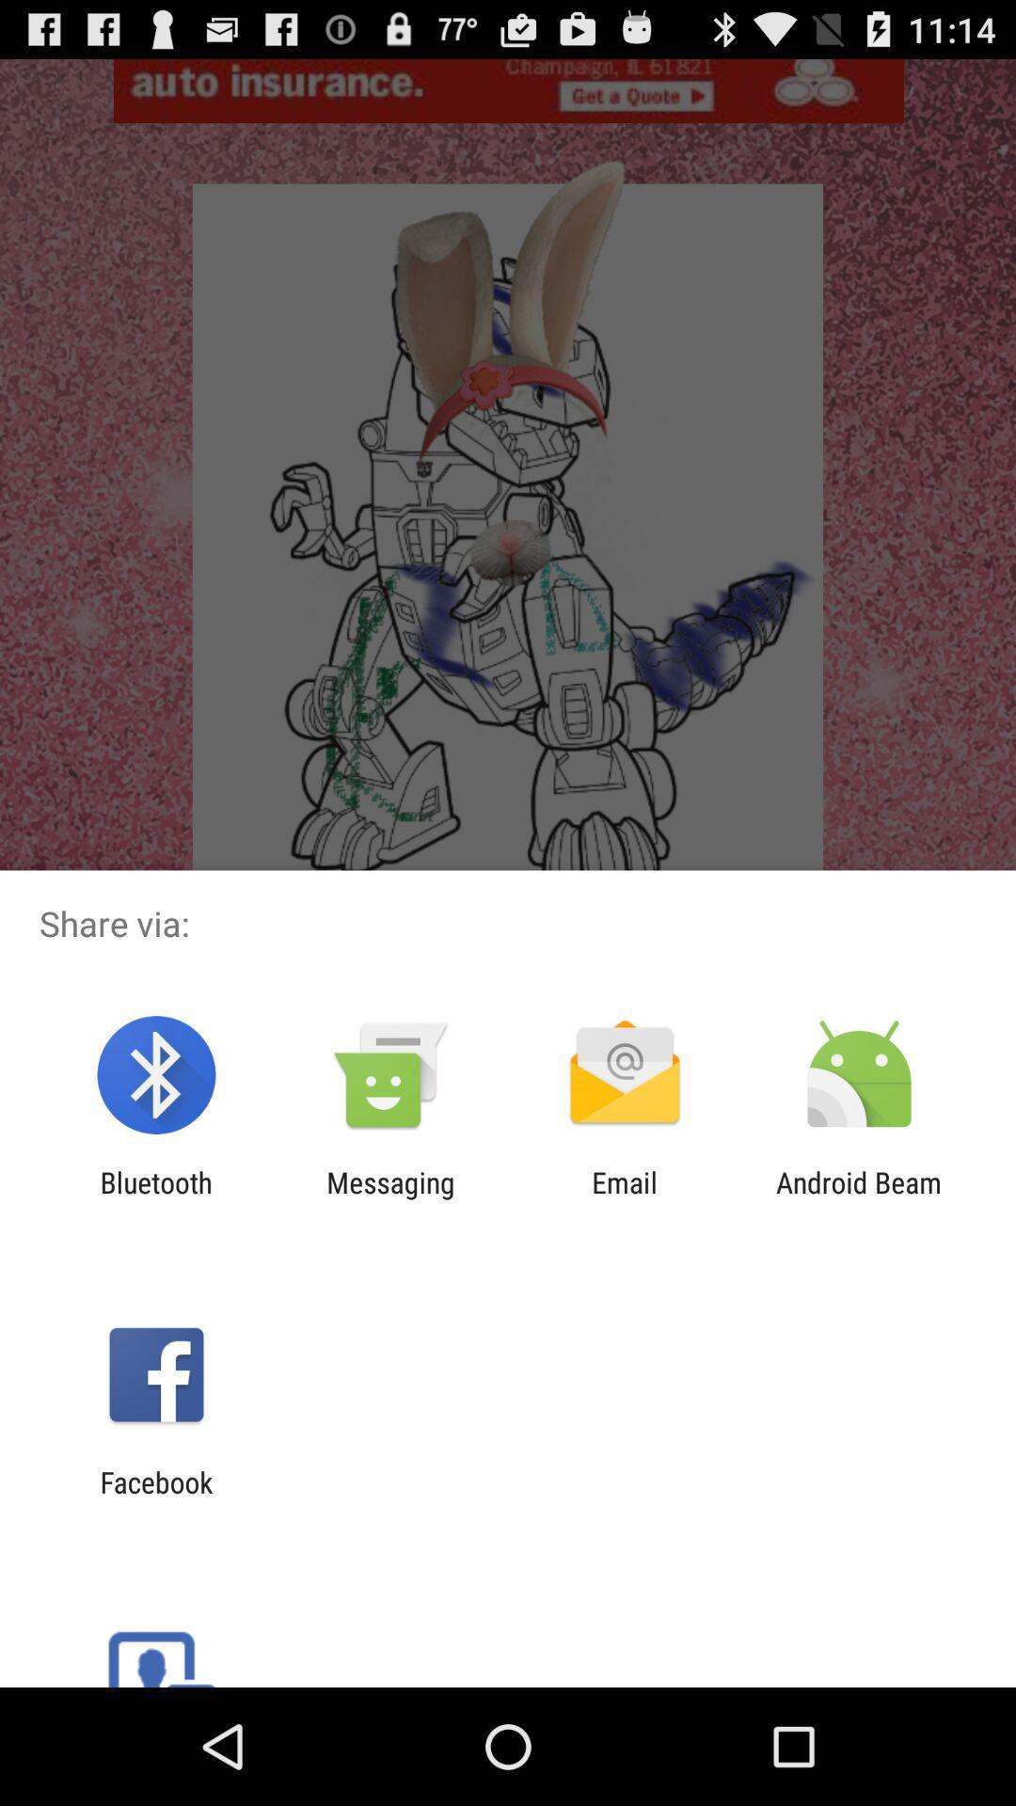  I want to click on the email, so click(625, 1198).